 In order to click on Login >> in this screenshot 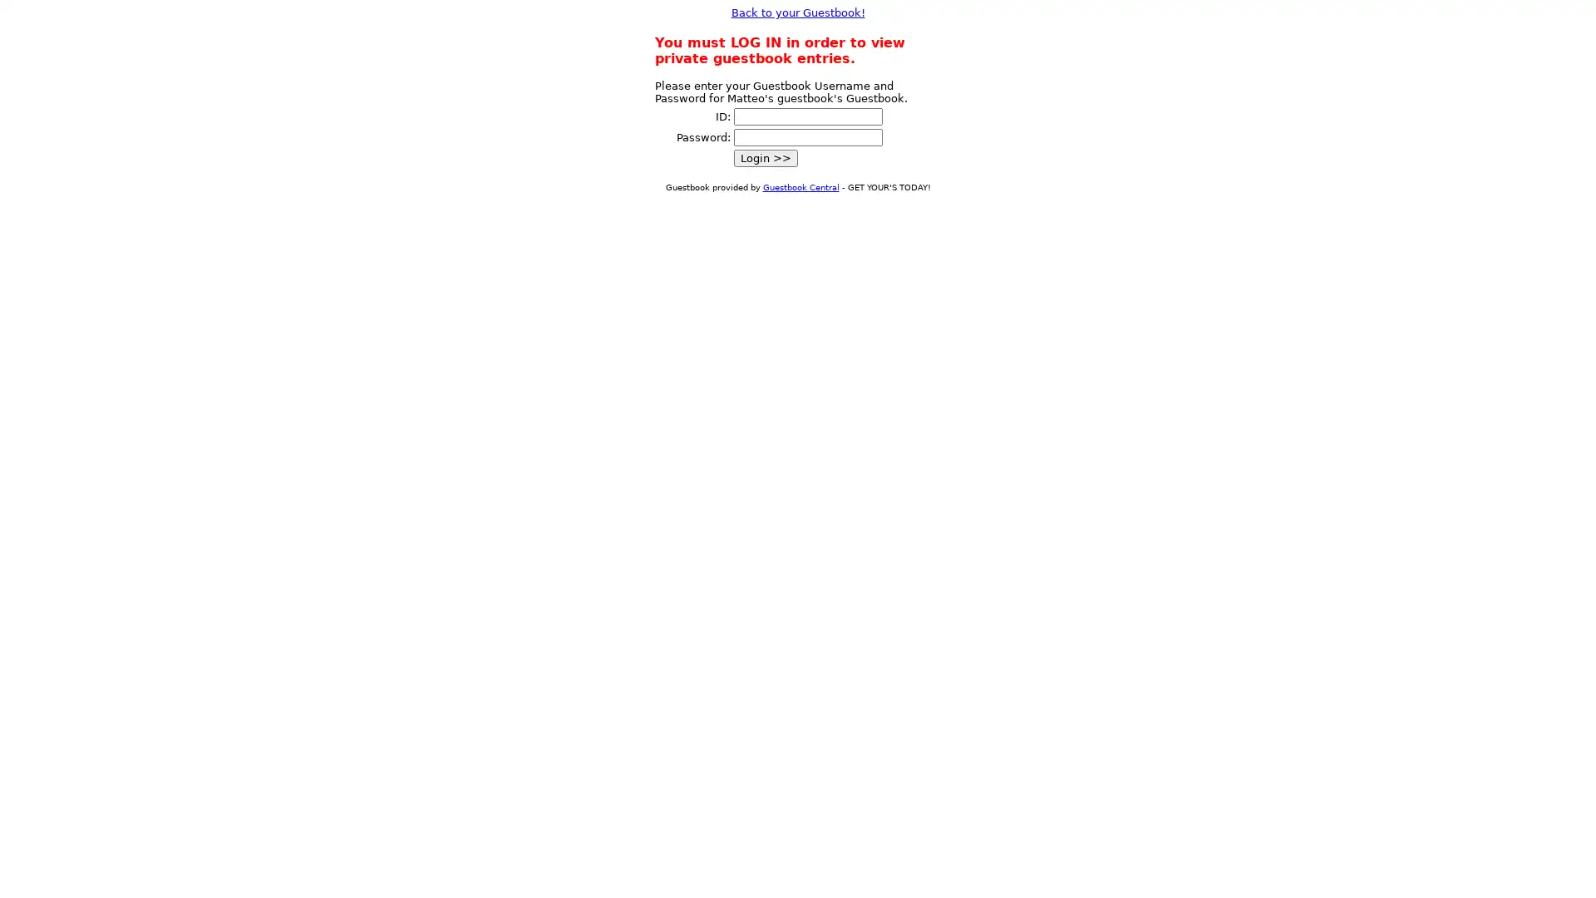, I will do `click(764, 158)`.